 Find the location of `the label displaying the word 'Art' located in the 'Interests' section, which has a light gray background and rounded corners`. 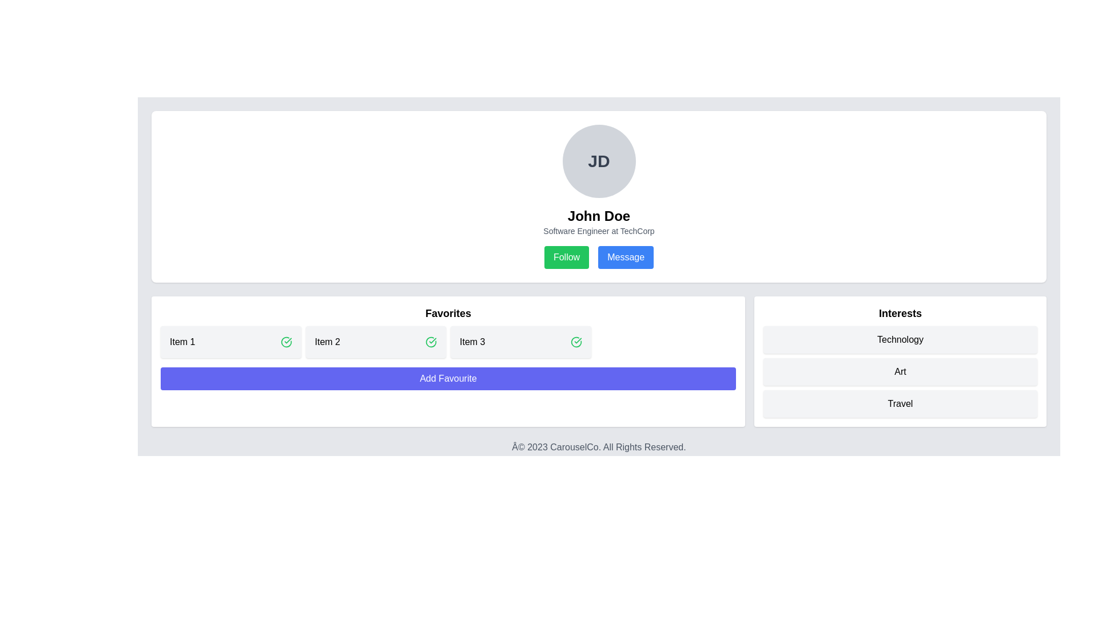

the label displaying the word 'Art' located in the 'Interests' section, which has a light gray background and rounded corners is located at coordinates (900, 372).